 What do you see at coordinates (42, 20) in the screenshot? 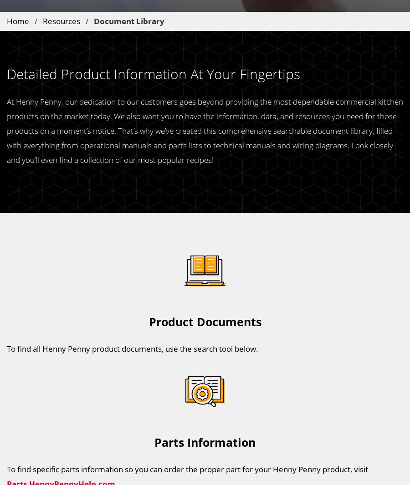
I see `'Resources'` at bounding box center [42, 20].